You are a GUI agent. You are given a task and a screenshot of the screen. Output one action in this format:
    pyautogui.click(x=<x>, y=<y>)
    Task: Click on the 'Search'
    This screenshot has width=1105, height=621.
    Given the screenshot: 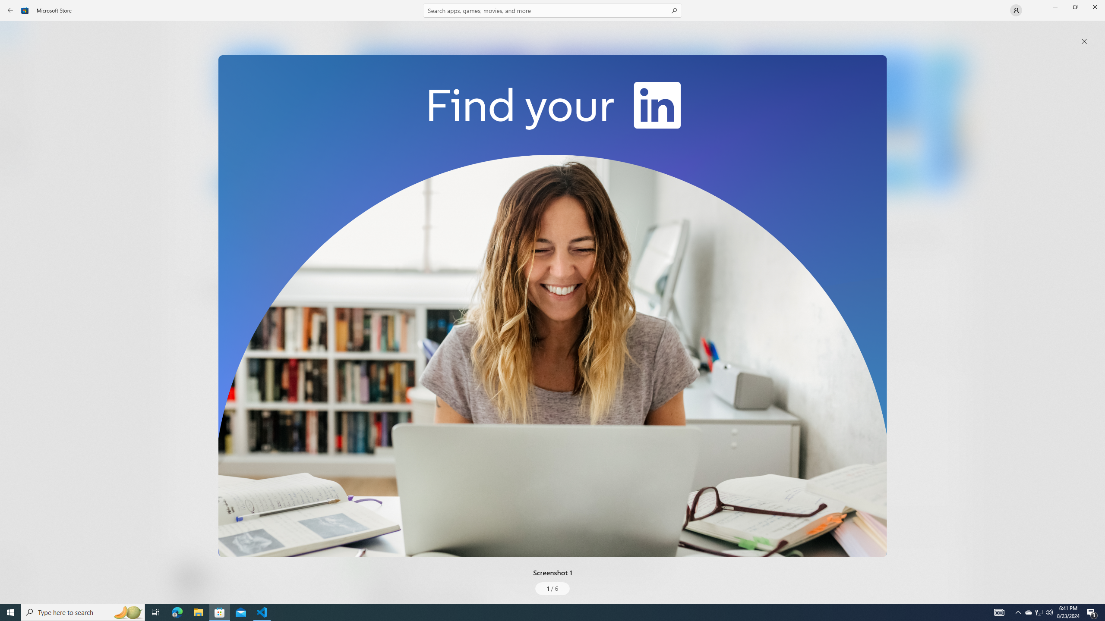 What is the action you would take?
    pyautogui.click(x=552, y=10)
    